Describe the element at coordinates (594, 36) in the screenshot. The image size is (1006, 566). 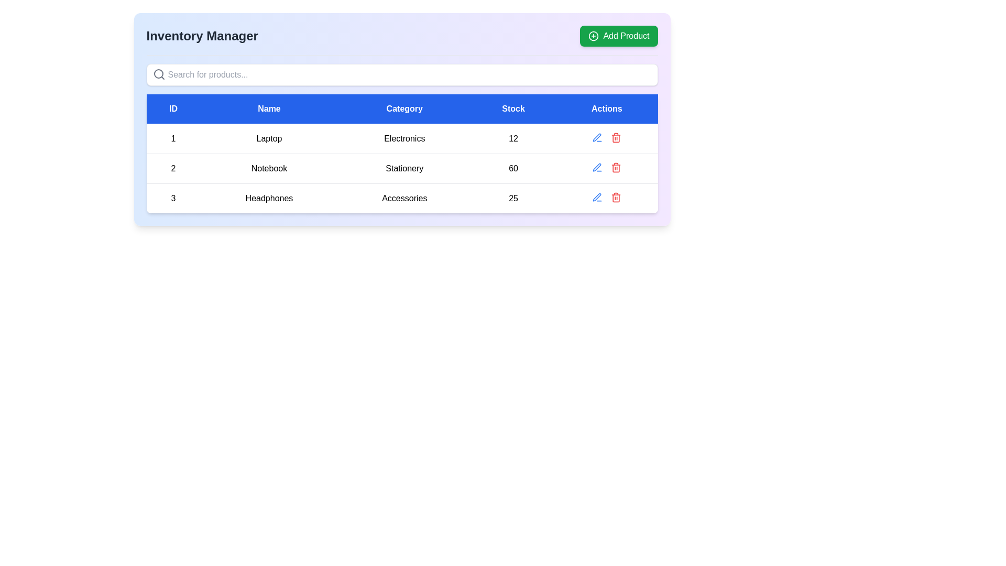
I see `the circular SVG element located on the left side of the 'Add Product' green button in the top-right corner of the interface` at that location.